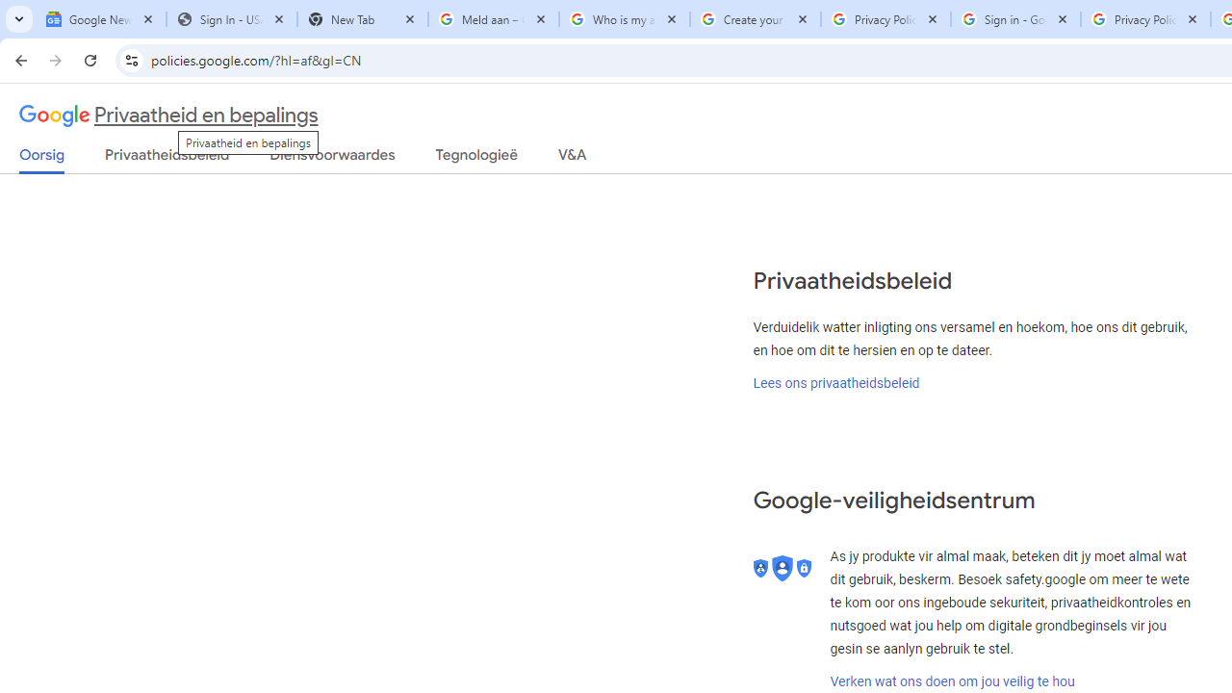 The width and height of the screenshot is (1232, 693). I want to click on 'Sign In - USA TODAY', so click(231, 19).